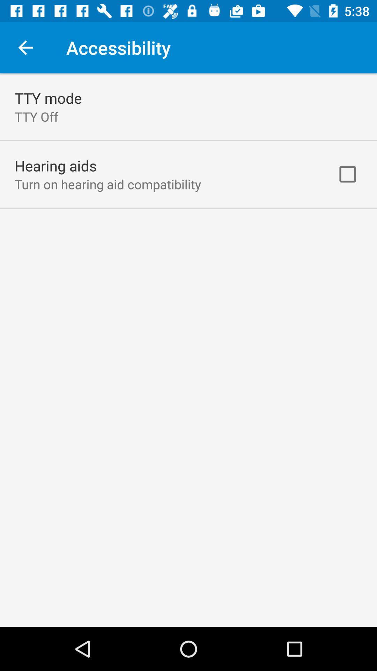 This screenshot has height=671, width=377. Describe the element at coordinates (347, 174) in the screenshot. I see `the item next to turn on hearing item` at that location.